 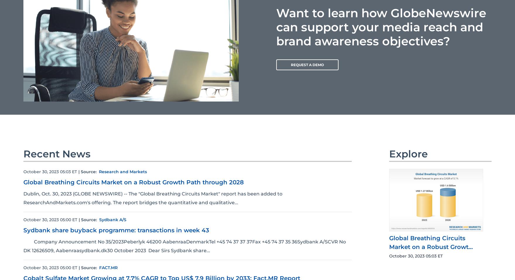 I want to click on 'Company Announcement No 35/2023Peberlyk 46200 AabenraaDenmarkTel +45 74 37 37 37Fax +45 74 37 35 36Sydbank A/SCVR No DK 12626509, Aabenraasydbank.dk30 October 2023  Dear Sirs  Sydbank share...', so click(x=184, y=245).